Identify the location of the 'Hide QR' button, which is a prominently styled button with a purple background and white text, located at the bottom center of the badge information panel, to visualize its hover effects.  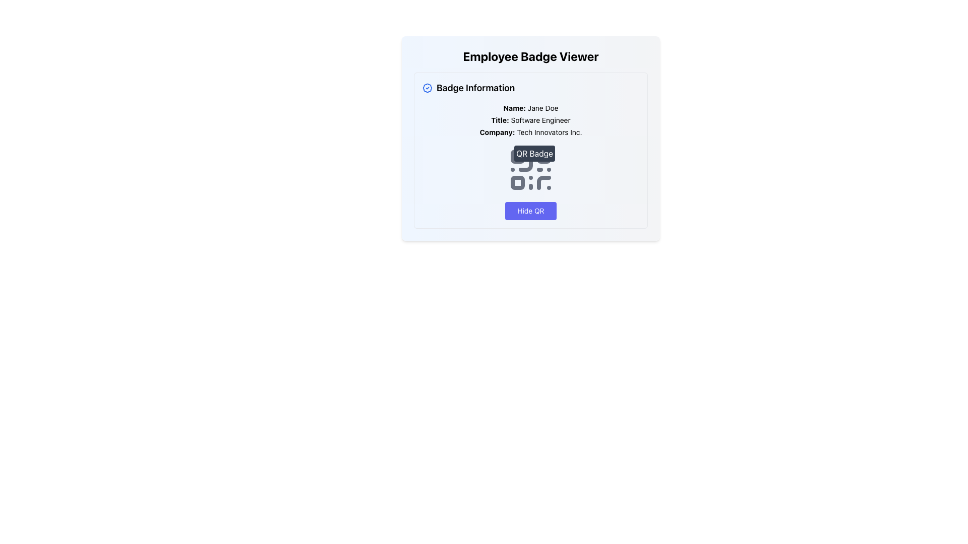
(530, 211).